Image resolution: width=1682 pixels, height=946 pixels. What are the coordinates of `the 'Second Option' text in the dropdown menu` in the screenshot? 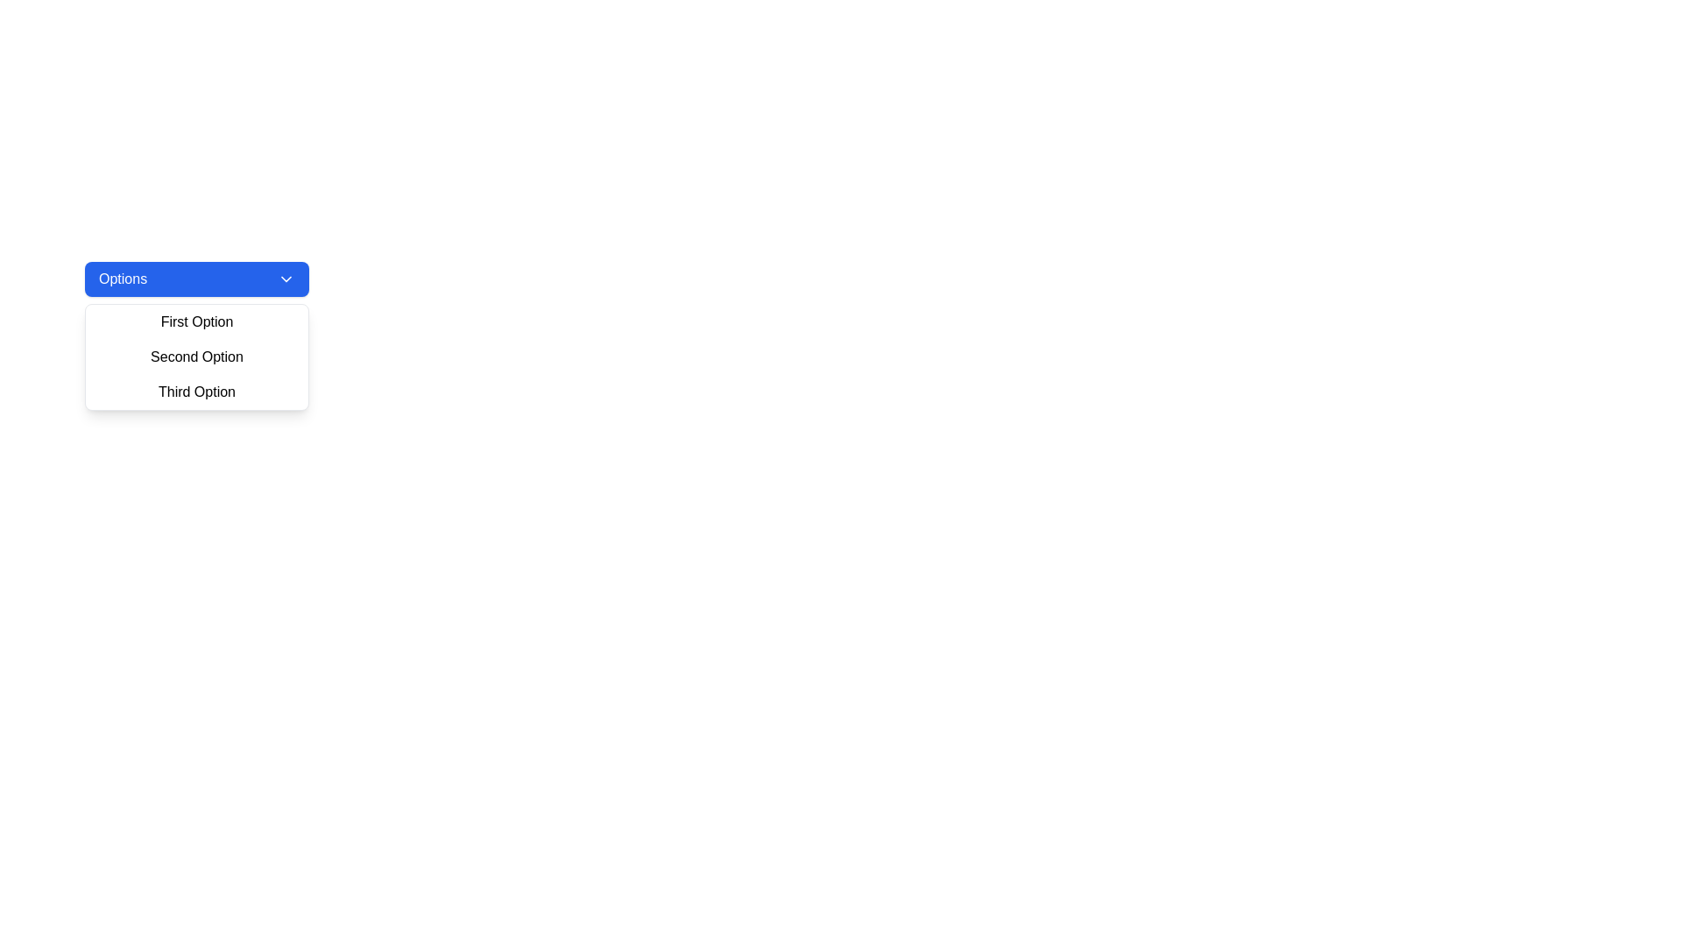 It's located at (197, 357).